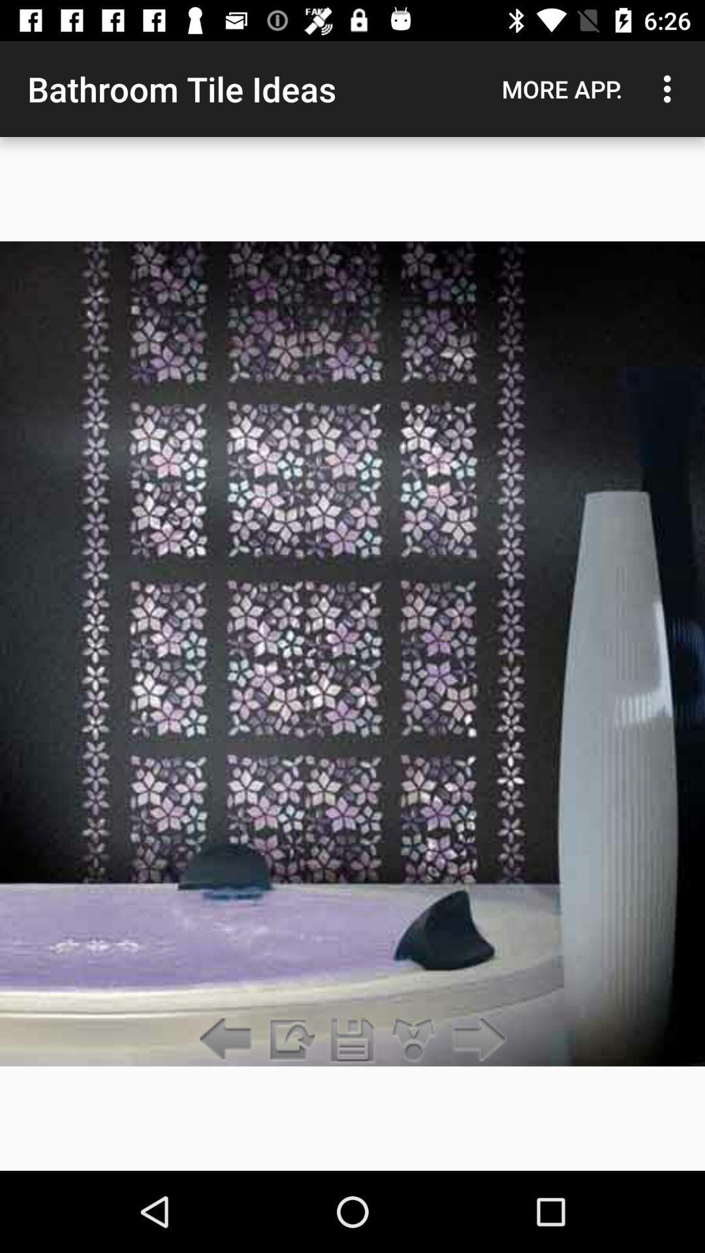 This screenshot has width=705, height=1253. I want to click on the launch icon, so click(290, 1040).